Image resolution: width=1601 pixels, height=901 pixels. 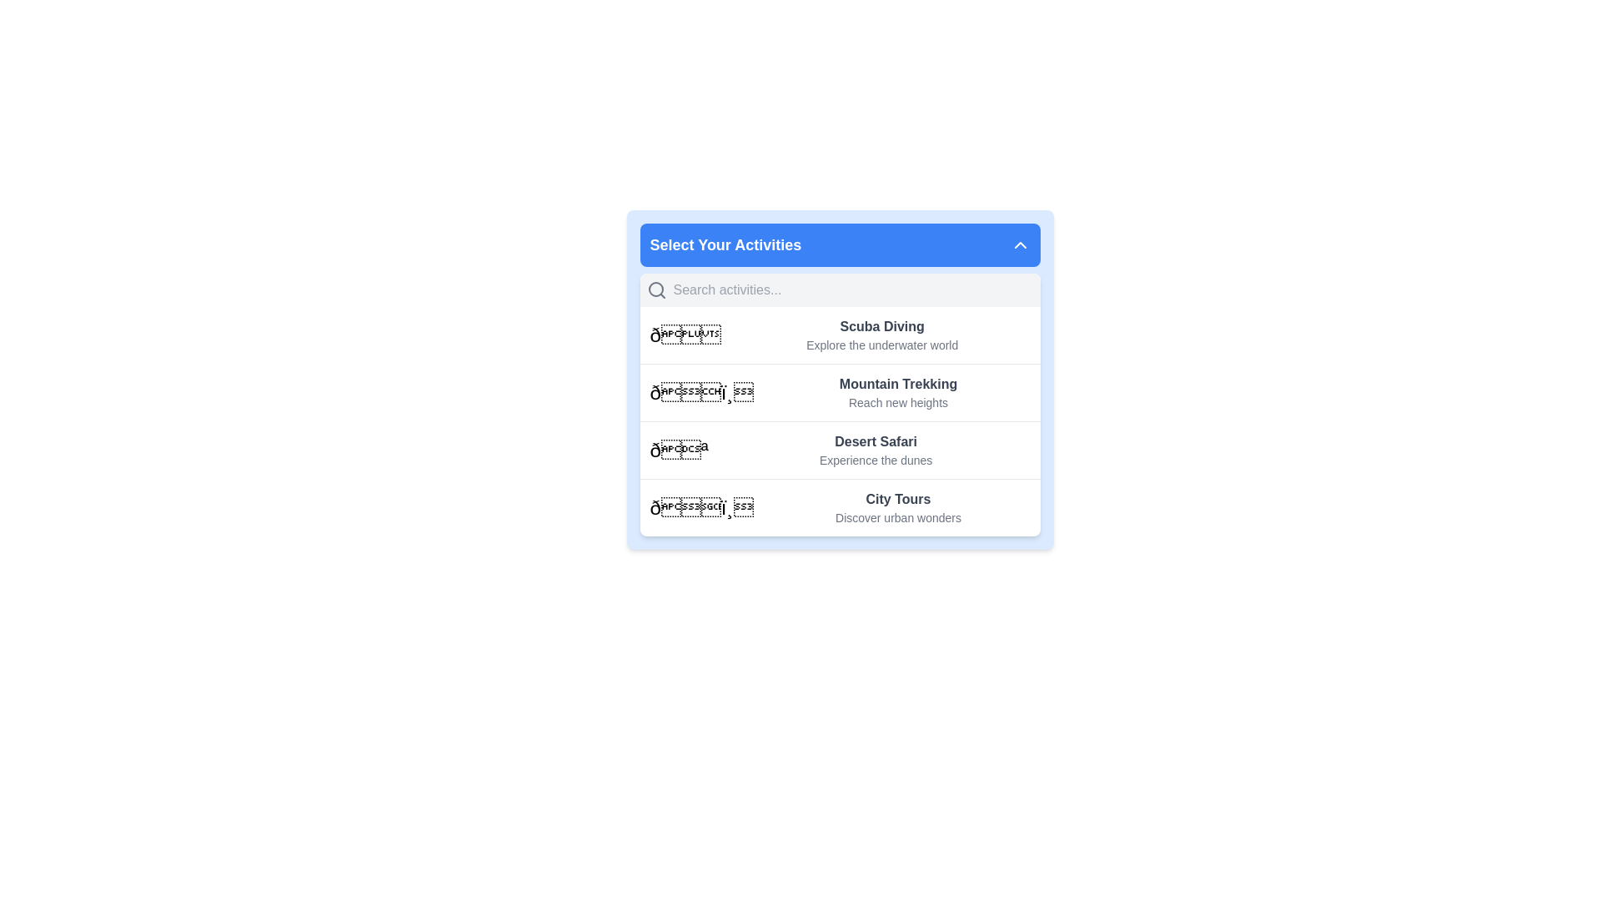 I want to click on text label serving as the title for the 'Desert Safari' activity, which is located in the third row of the activities list under 'Select Your Activities', so click(x=875, y=440).